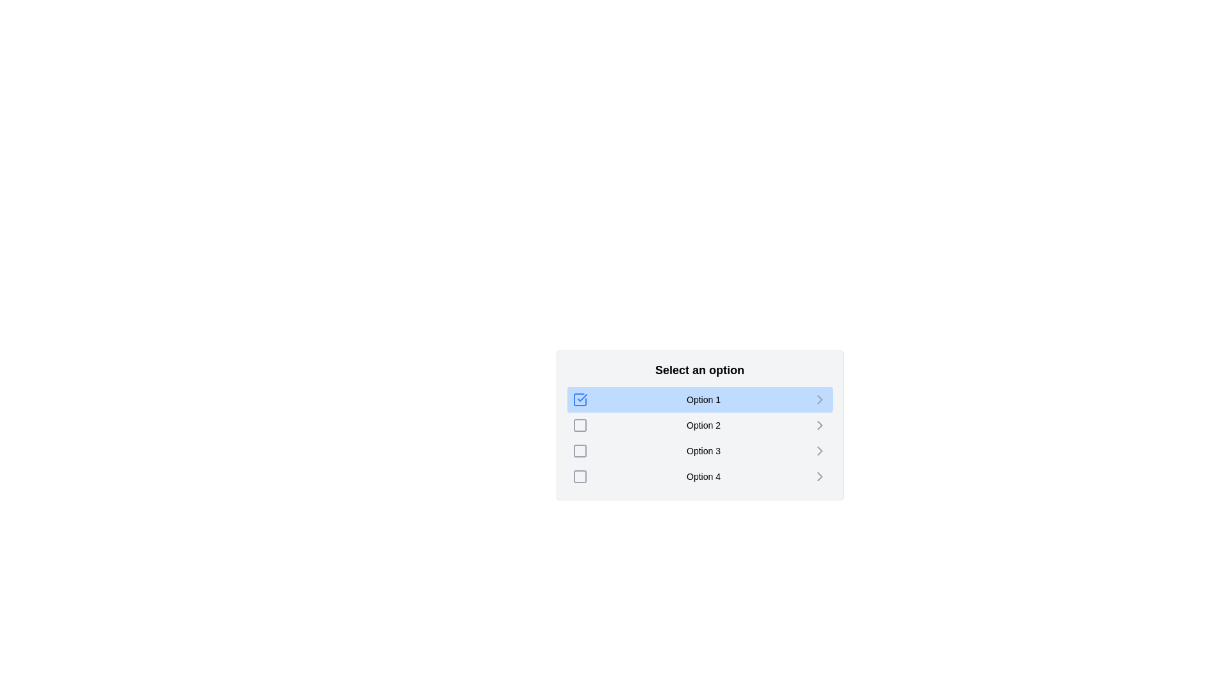  Describe the element at coordinates (699, 425) in the screenshot. I see `the second option in the list, which contains a checkbox and an icon, located under the 'Select an option' header` at that location.